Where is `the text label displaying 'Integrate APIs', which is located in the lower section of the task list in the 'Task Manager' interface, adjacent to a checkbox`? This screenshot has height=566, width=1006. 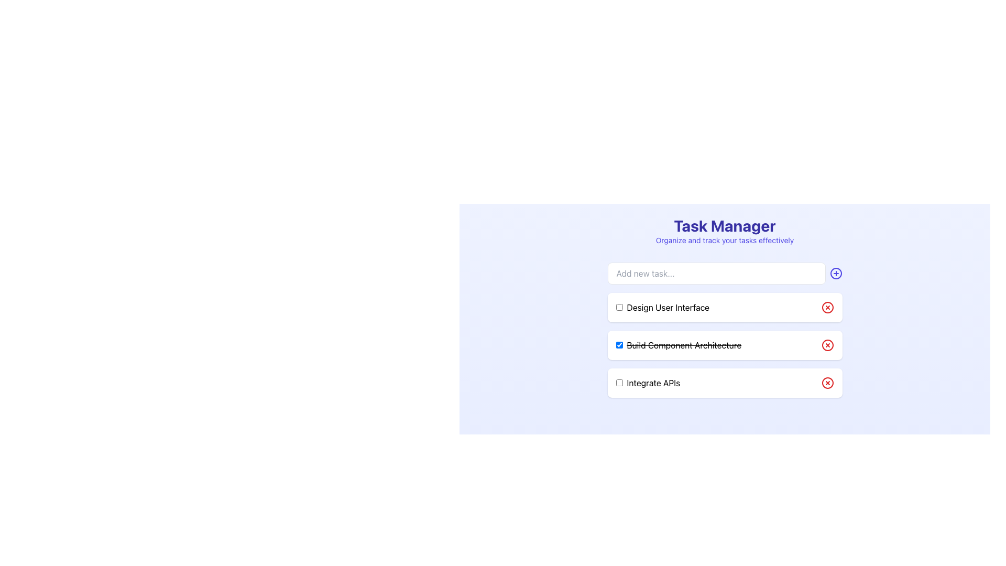
the text label displaying 'Integrate APIs', which is located in the lower section of the task list in the 'Task Manager' interface, adjacent to a checkbox is located at coordinates (653, 383).